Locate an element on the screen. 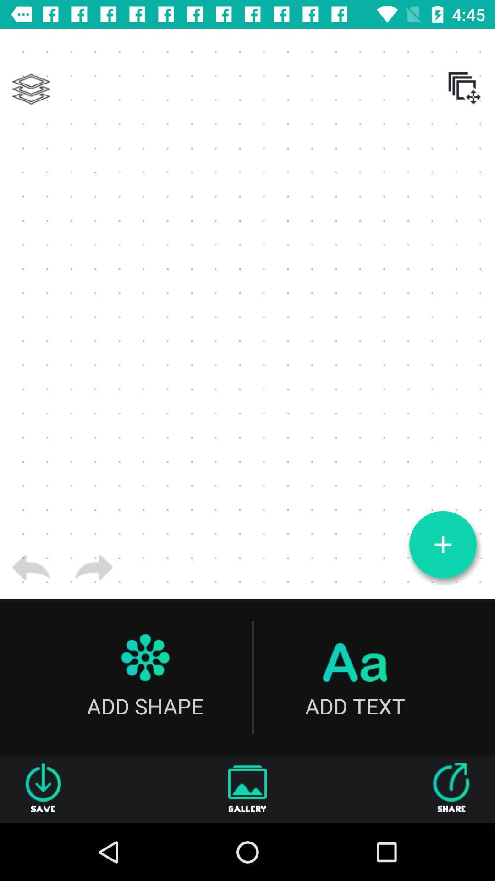 The height and width of the screenshot is (881, 495). the item above the save is located at coordinates (31, 567).